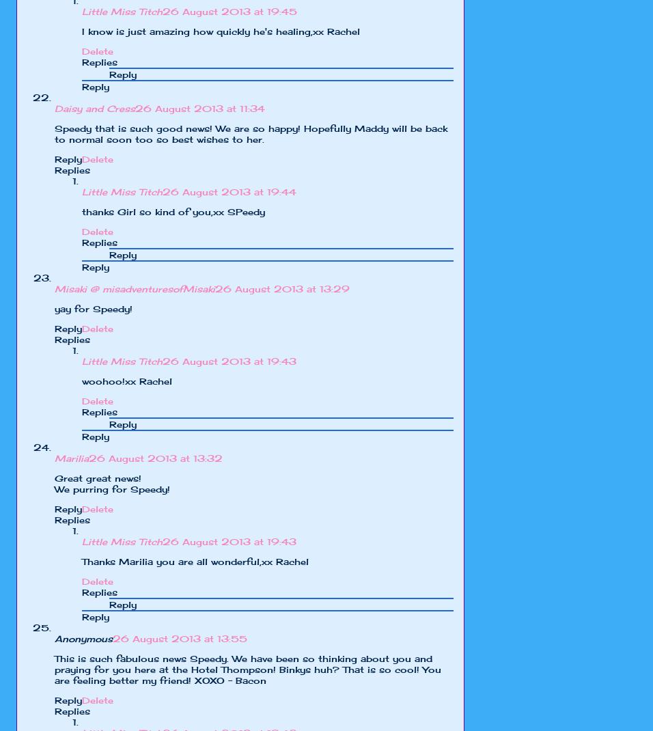  Describe the element at coordinates (54, 458) in the screenshot. I see `'Marilia'` at that location.